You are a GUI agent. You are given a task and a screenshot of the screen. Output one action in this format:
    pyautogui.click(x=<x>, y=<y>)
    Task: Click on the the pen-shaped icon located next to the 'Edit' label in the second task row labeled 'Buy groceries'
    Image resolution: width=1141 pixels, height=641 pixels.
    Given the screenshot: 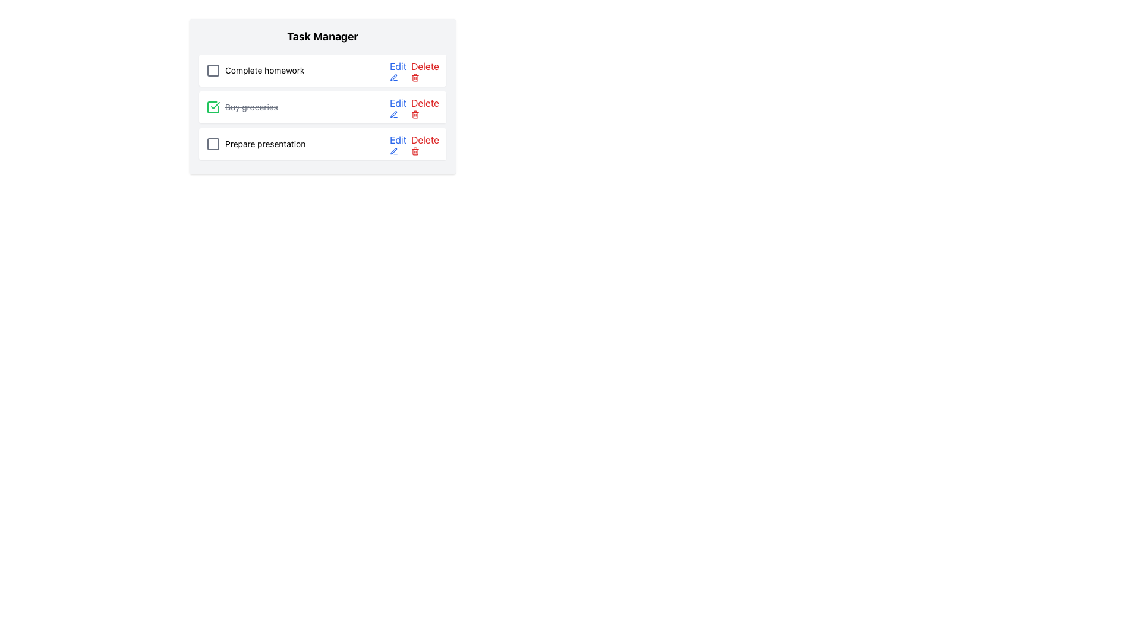 What is the action you would take?
    pyautogui.click(x=394, y=78)
    